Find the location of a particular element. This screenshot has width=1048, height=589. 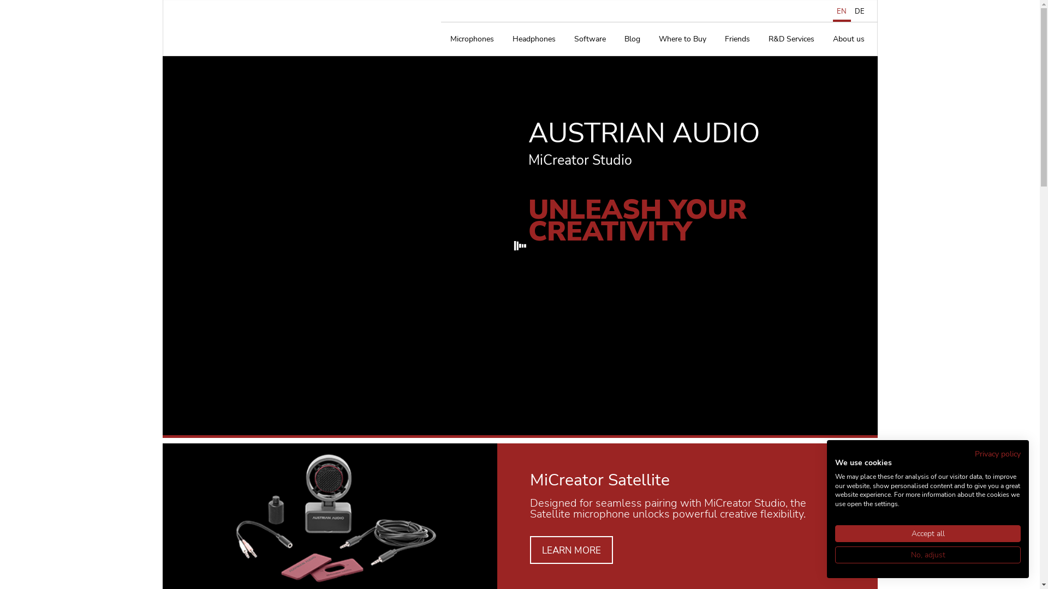

'Where to Buy' is located at coordinates (650, 39).